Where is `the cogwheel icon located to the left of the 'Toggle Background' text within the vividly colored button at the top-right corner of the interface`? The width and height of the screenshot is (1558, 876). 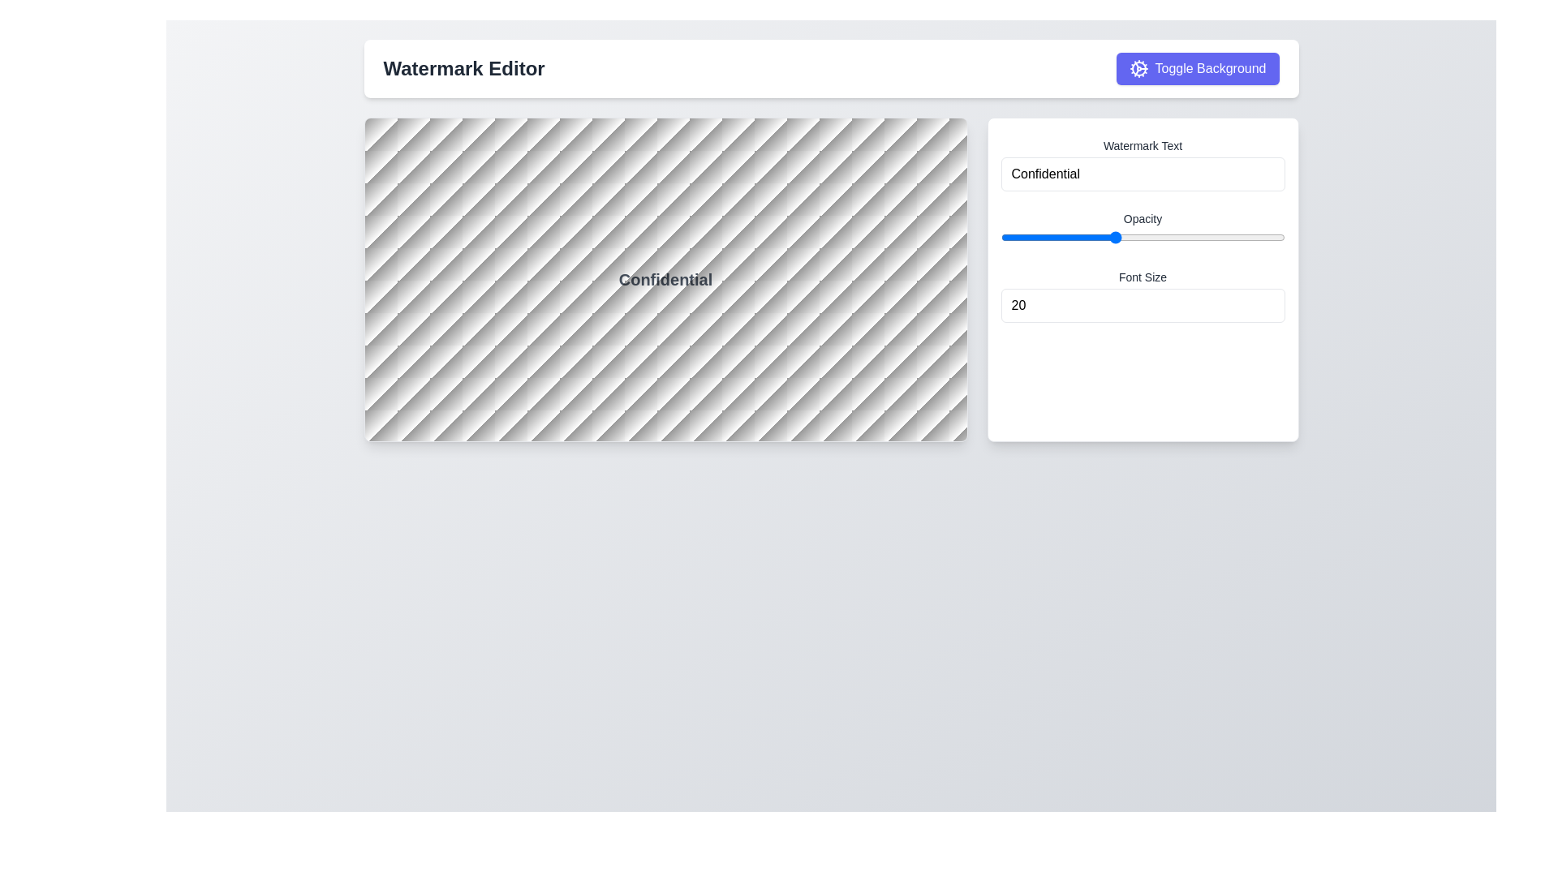 the cogwheel icon located to the left of the 'Toggle Background' text within the vividly colored button at the top-right corner of the interface is located at coordinates (1138, 67).